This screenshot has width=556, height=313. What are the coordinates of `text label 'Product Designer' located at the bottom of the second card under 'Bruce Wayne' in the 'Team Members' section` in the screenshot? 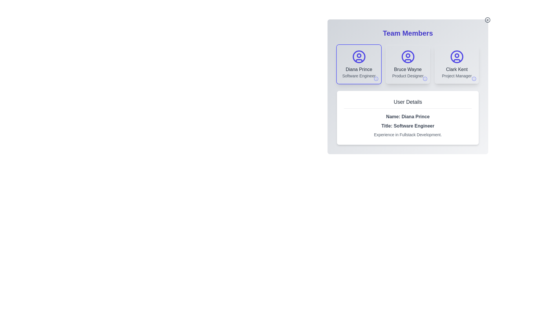 It's located at (407, 76).